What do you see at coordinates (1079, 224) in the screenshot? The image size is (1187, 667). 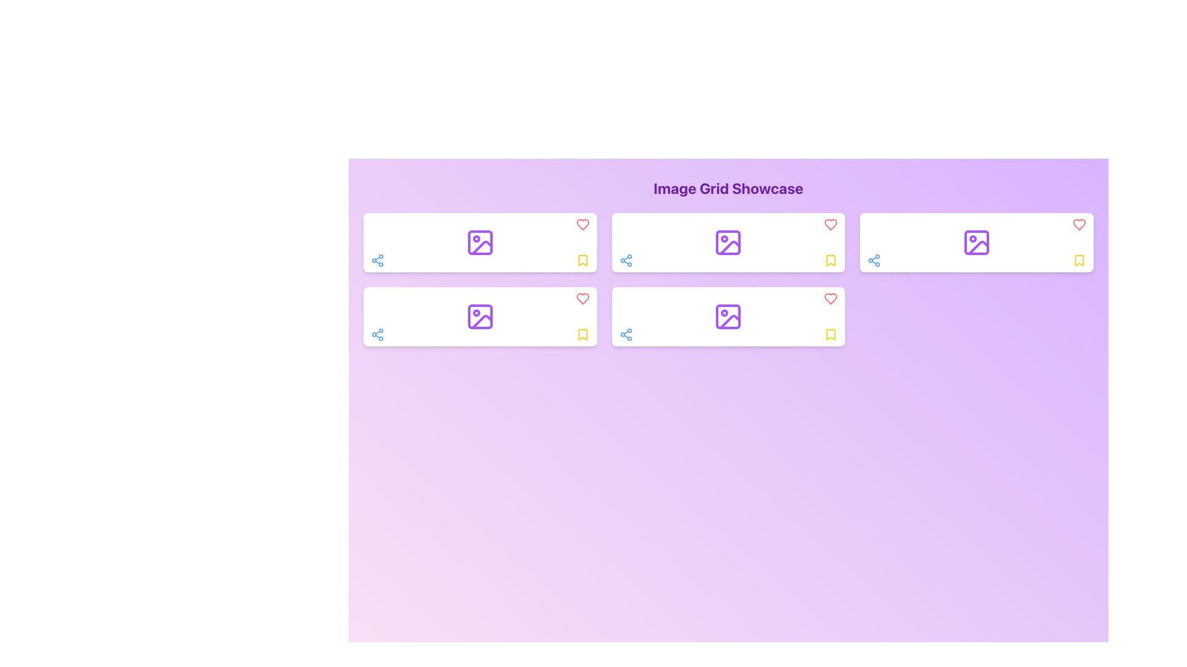 I see `the heart-shaped icon indicating favorites or likes located in the top-right corner of a card component` at bounding box center [1079, 224].